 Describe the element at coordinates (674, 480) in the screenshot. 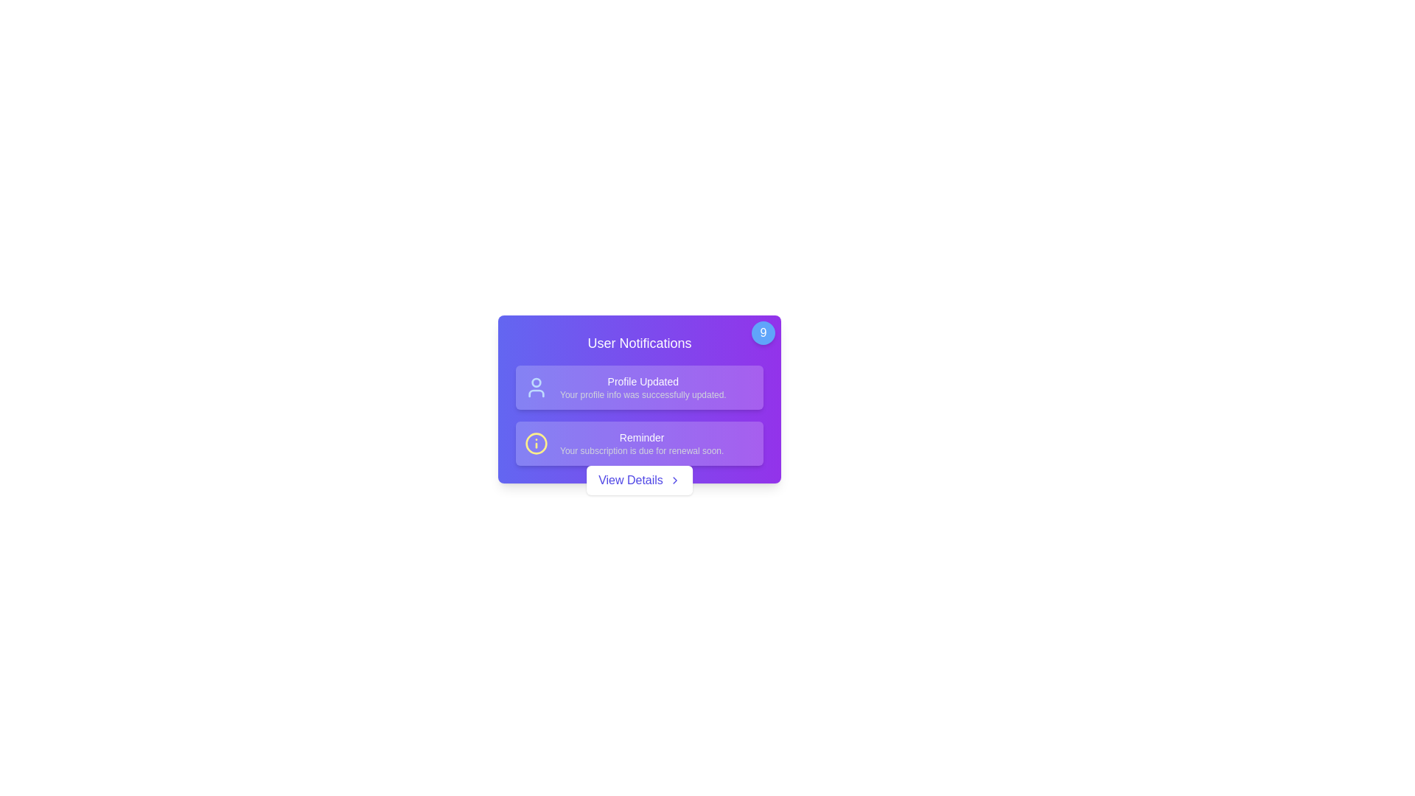

I see `the decorative icon element located to the right of the text content within the 'View Details' button` at that location.